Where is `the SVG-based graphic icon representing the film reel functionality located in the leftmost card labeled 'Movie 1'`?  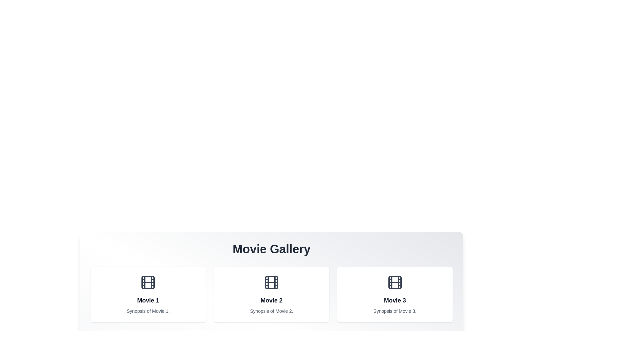
the SVG-based graphic icon representing the film reel functionality located in the leftmost card labeled 'Movie 1' is located at coordinates (148, 282).